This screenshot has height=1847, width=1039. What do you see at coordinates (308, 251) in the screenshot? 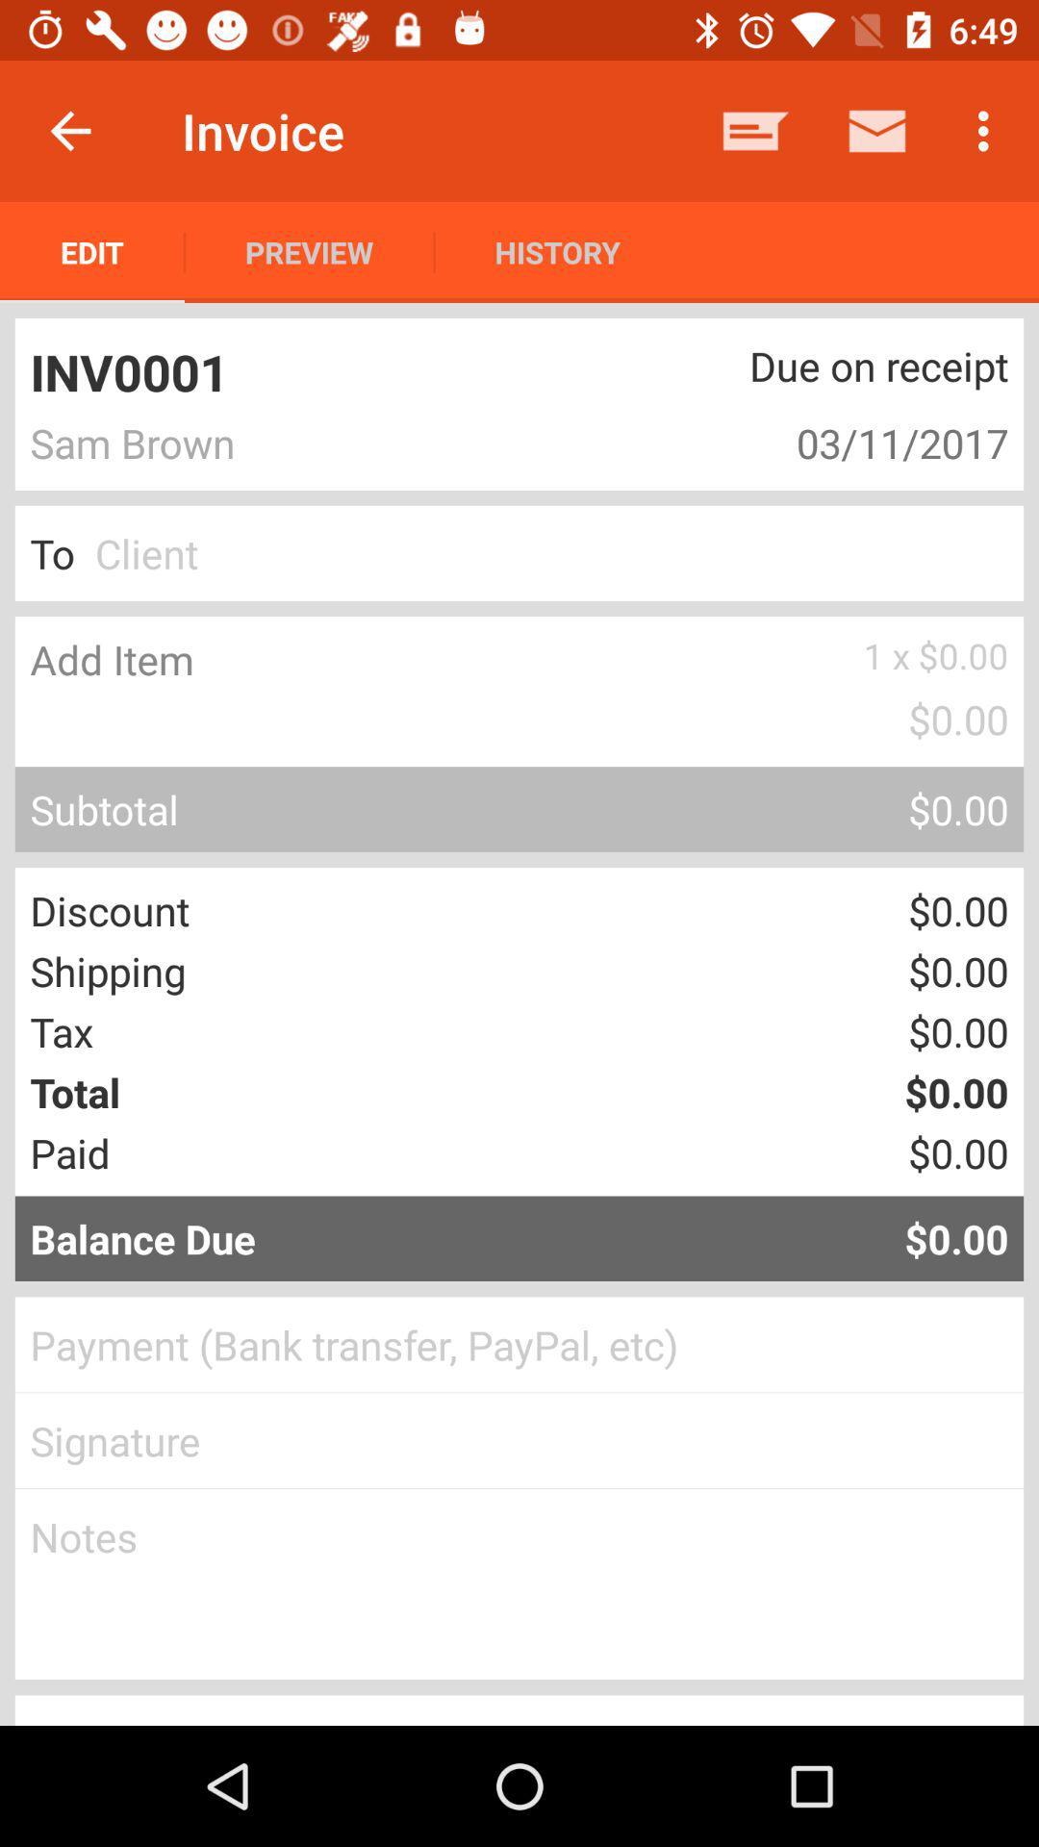
I see `item to the right of edit` at bounding box center [308, 251].